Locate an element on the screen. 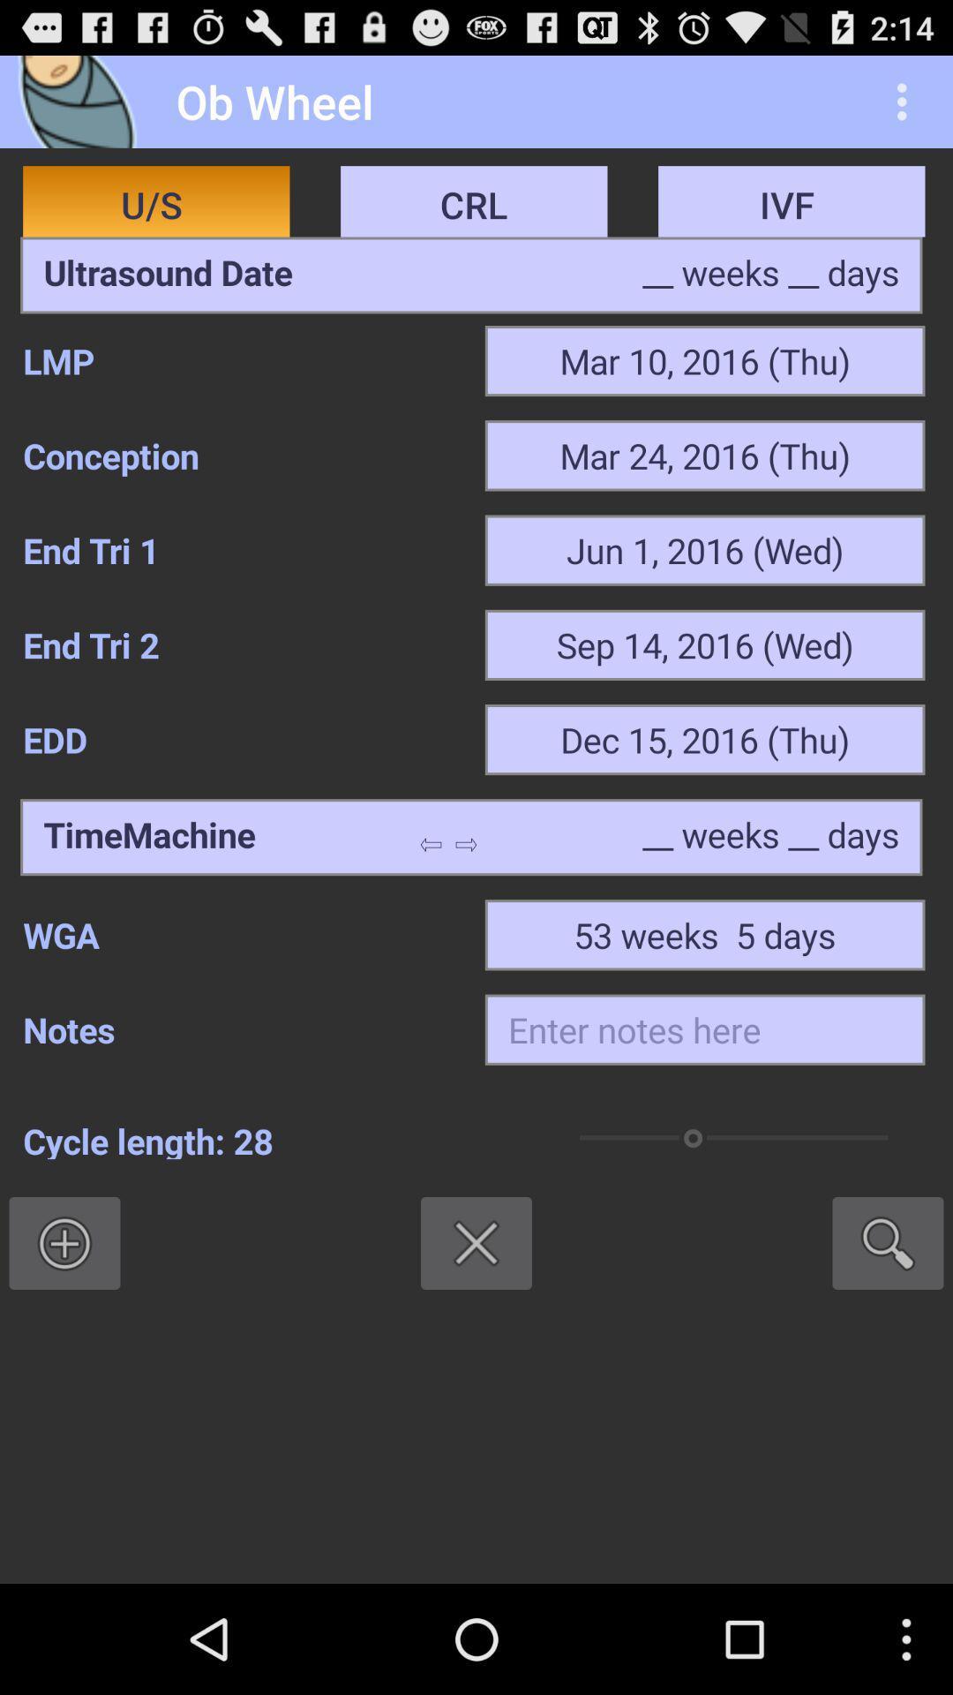 The height and width of the screenshot is (1695, 953). cycle length: 28 is located at coordinates (271, 1138).